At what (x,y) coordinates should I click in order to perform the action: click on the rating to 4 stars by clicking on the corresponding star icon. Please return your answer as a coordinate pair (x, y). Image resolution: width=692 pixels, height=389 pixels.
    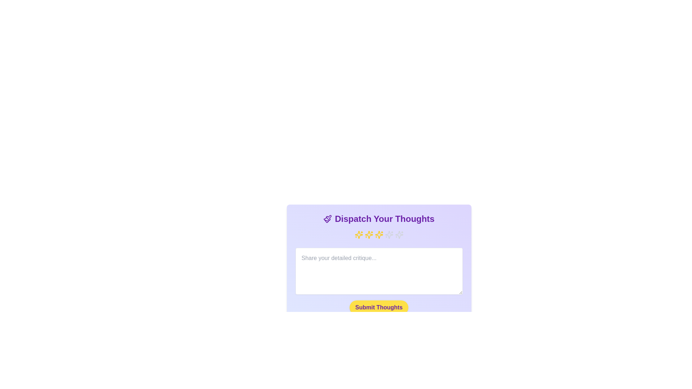
    Looking at the image, I should click on (389, 234).